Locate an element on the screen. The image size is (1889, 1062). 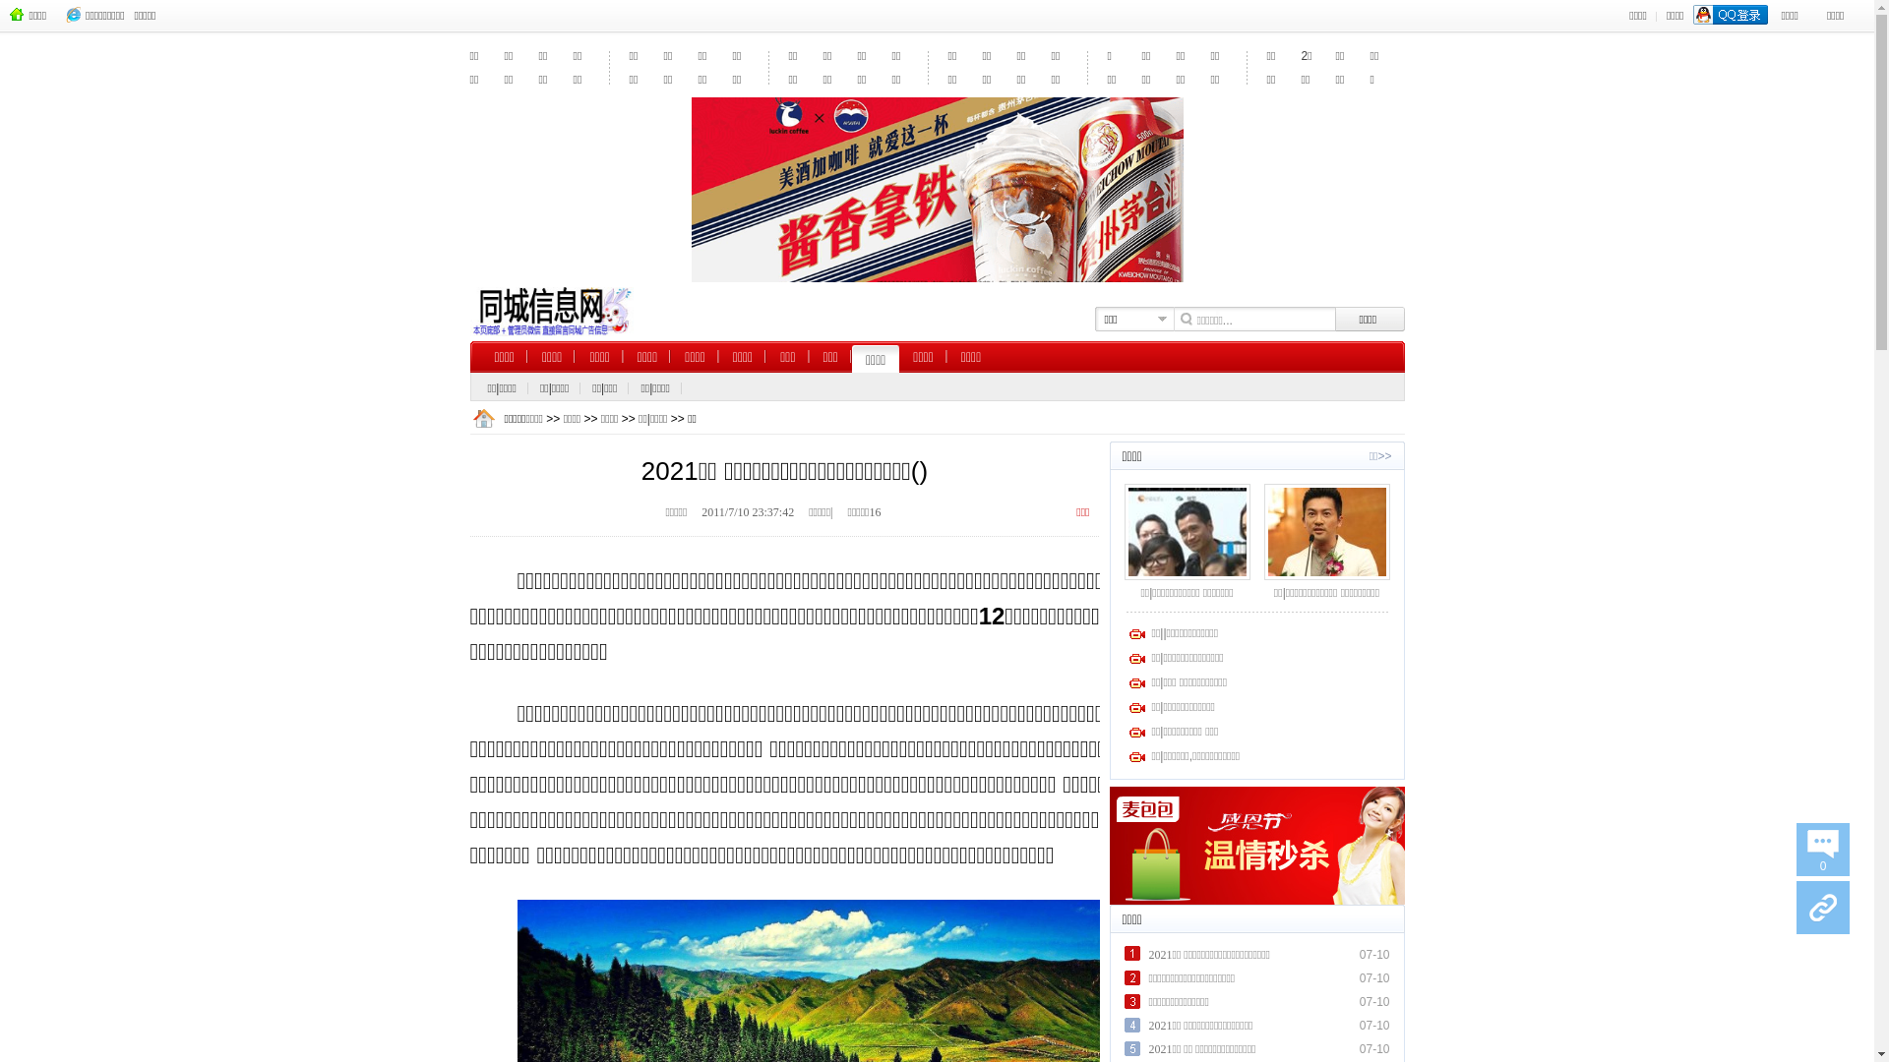
'0' is located at coordinates (1796, 849).